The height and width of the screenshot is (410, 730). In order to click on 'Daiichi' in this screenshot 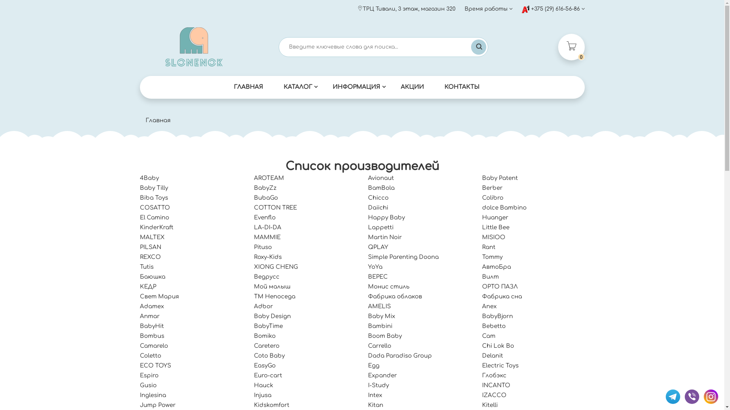, I will do `click(378, 208)`.